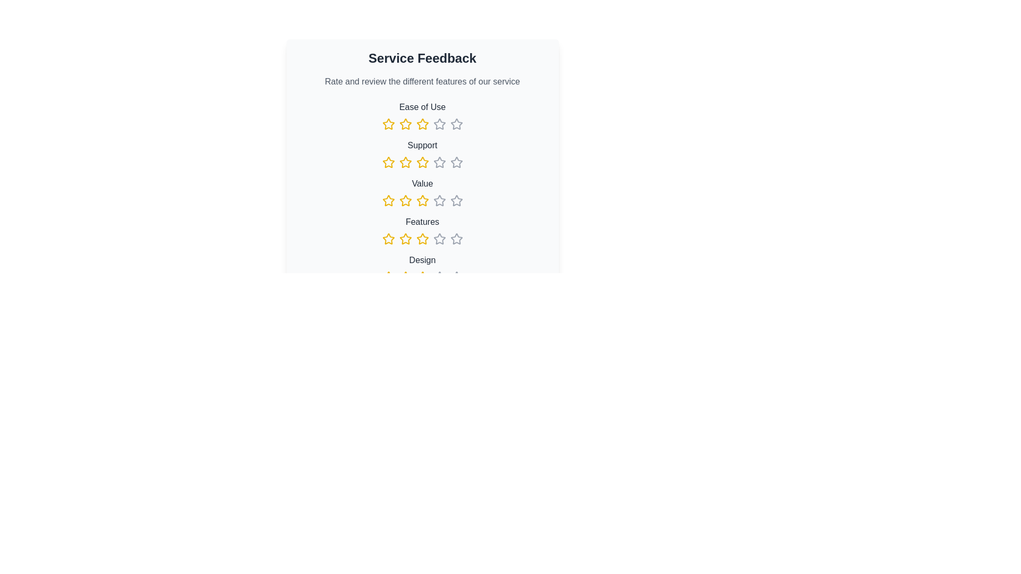 The height and width of the screenshot is (574, 1021). What do you see at coordinates (422, 81) in the screenshot?
I see `instructional static text label located directly below the 'Service Feedback' heading in the feedback section` at bounding box center [422, 81].